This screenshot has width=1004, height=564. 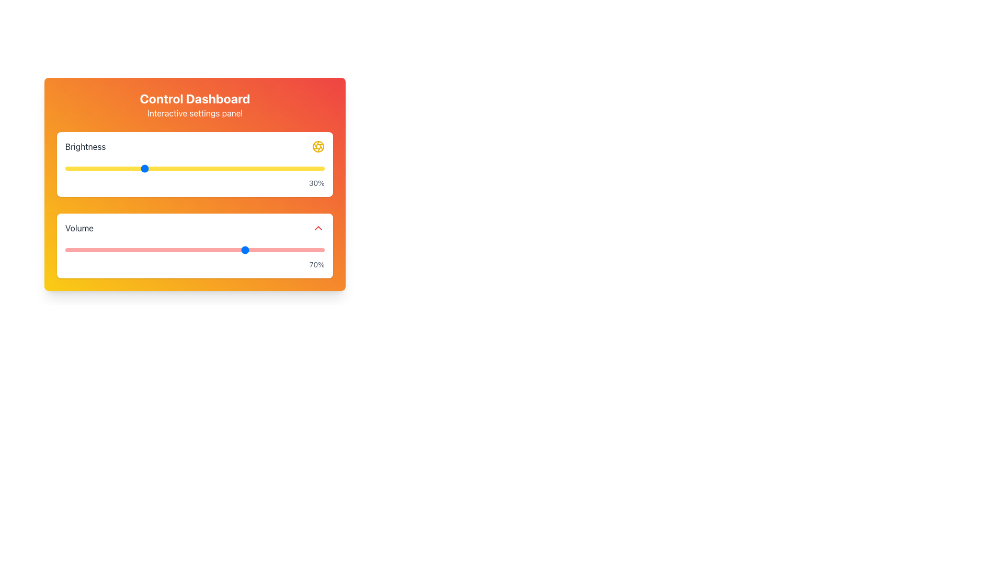 What do you see at coordinates (192, 250) in the screenshot?
I see `the volume` at bounding box center [192, 250].